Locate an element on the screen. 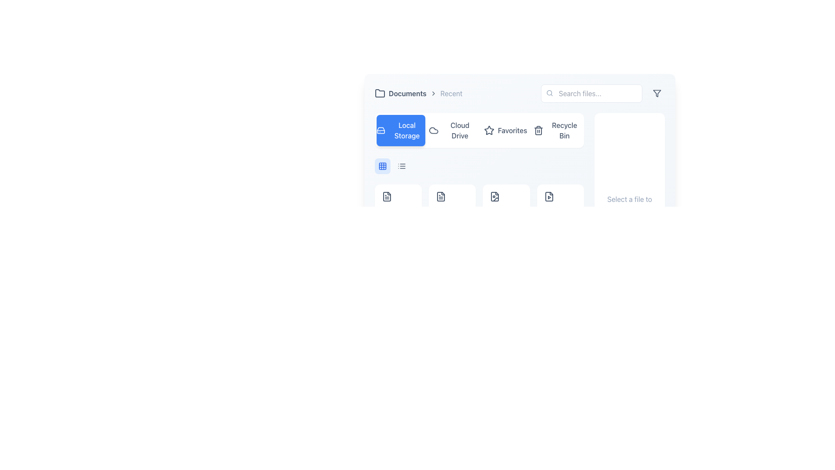 This screenshot has height=470, width=835. the star icon labeled 'Favorites' located in the toolbar, between 'Cloud Drive' and 'Recycle Bin' is located at coordinates (489, 130).